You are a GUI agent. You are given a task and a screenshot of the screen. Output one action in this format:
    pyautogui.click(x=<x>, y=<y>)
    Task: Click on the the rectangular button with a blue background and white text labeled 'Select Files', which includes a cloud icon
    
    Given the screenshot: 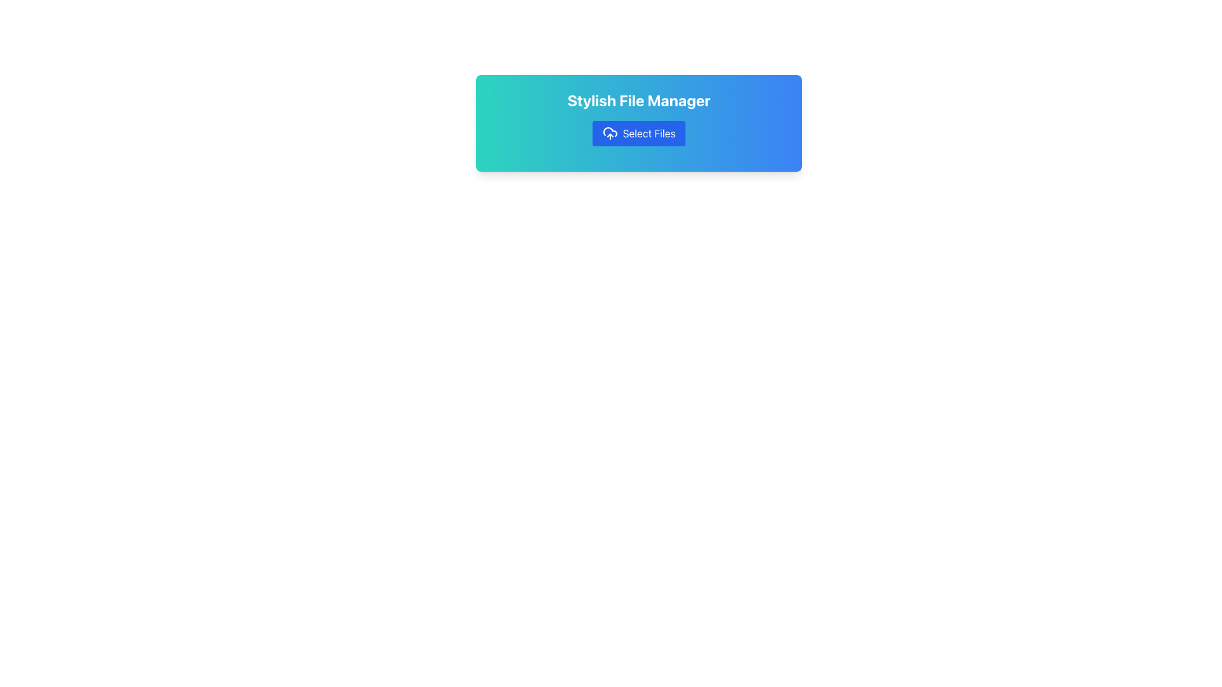 What is the action you would take?
    pyautogui.click(x=638, y=133)
    